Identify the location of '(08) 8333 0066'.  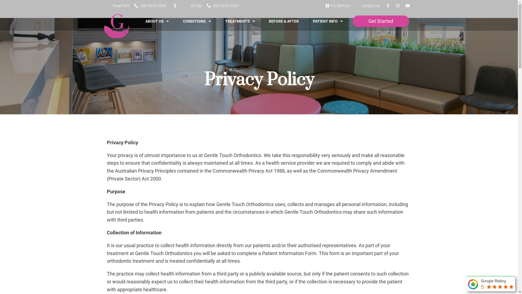
(134, 5).